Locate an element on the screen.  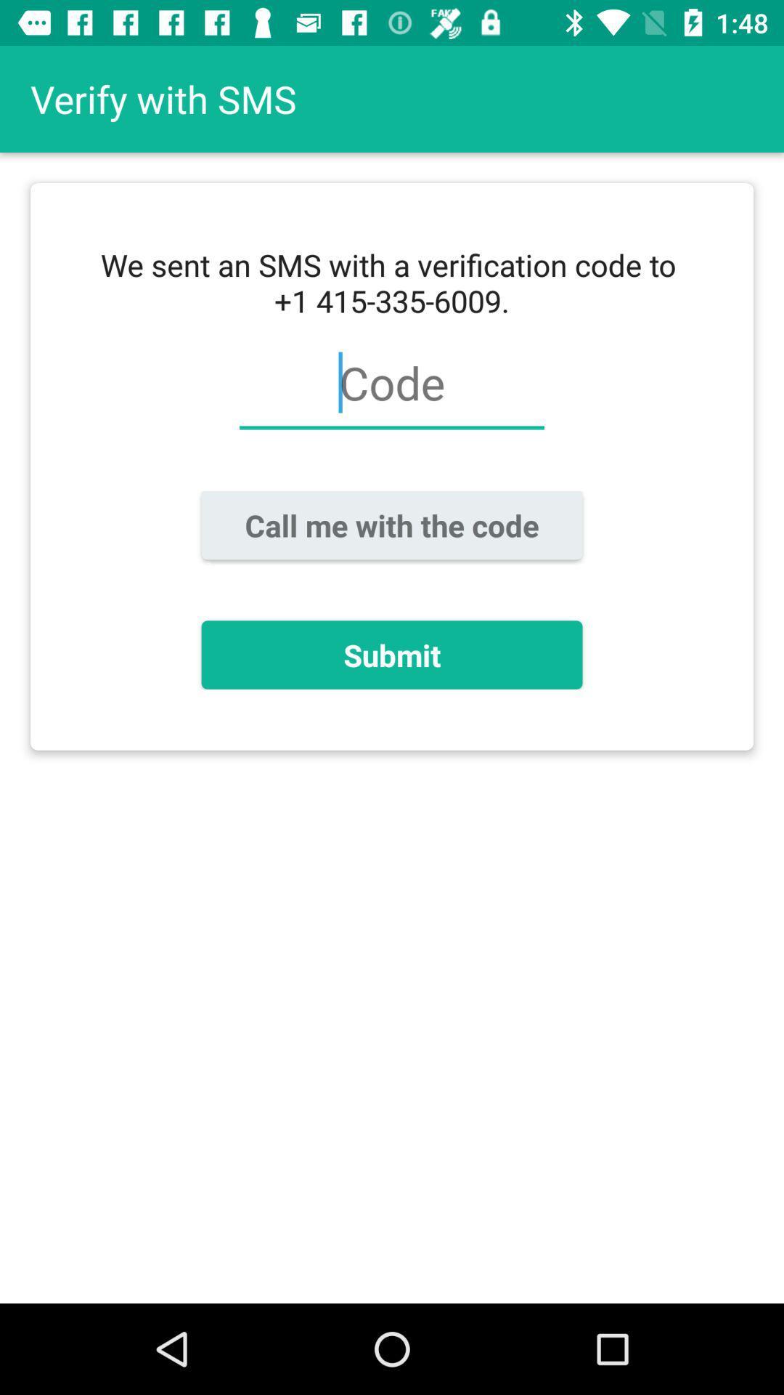
the item above submit item is located at coordinates (392, 525).